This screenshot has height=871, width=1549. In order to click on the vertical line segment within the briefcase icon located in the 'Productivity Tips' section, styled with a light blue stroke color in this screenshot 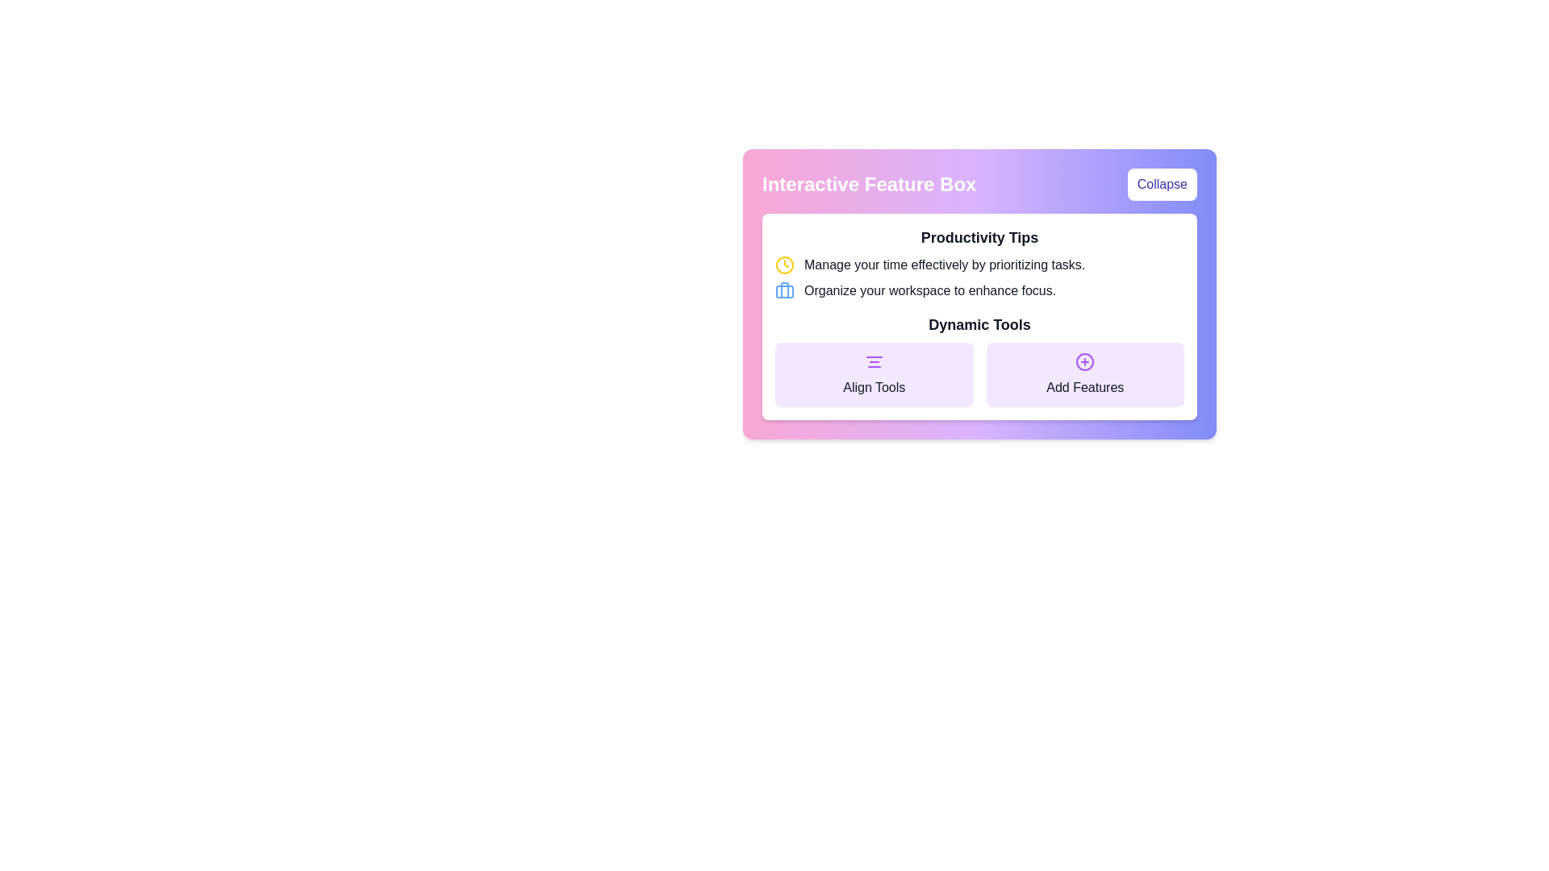, I will do `click(785, 289)`.